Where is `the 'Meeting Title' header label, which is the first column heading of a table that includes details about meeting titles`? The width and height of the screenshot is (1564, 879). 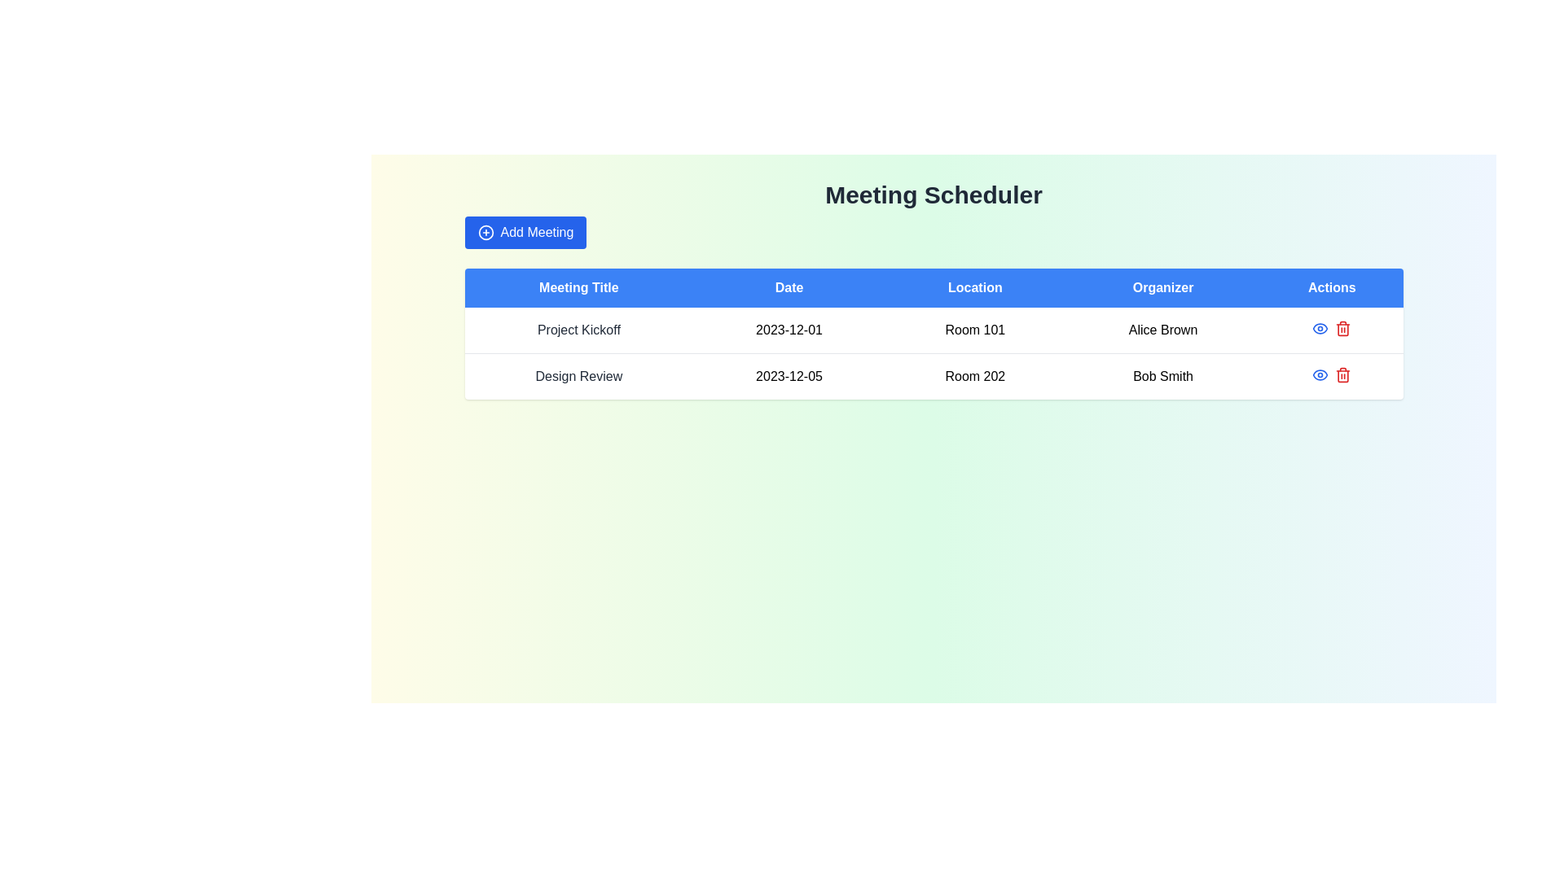 the 'Meeting Title' header label, which is the first column heading of a table that includes details about meeting titles is located at coordinates (578, 287).